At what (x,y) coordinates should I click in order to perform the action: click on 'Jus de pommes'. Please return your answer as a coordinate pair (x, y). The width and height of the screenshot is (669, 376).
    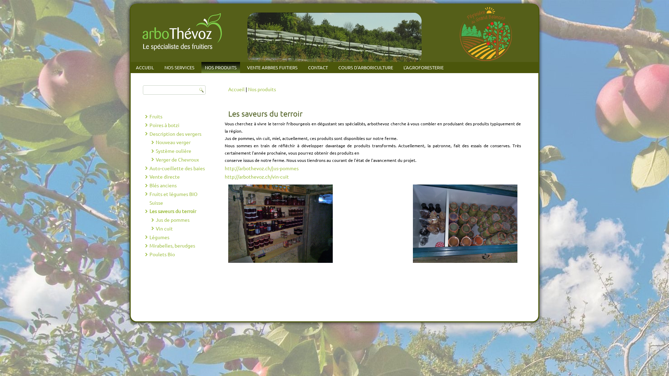
    Looking at the image, I should click on (172, 220).